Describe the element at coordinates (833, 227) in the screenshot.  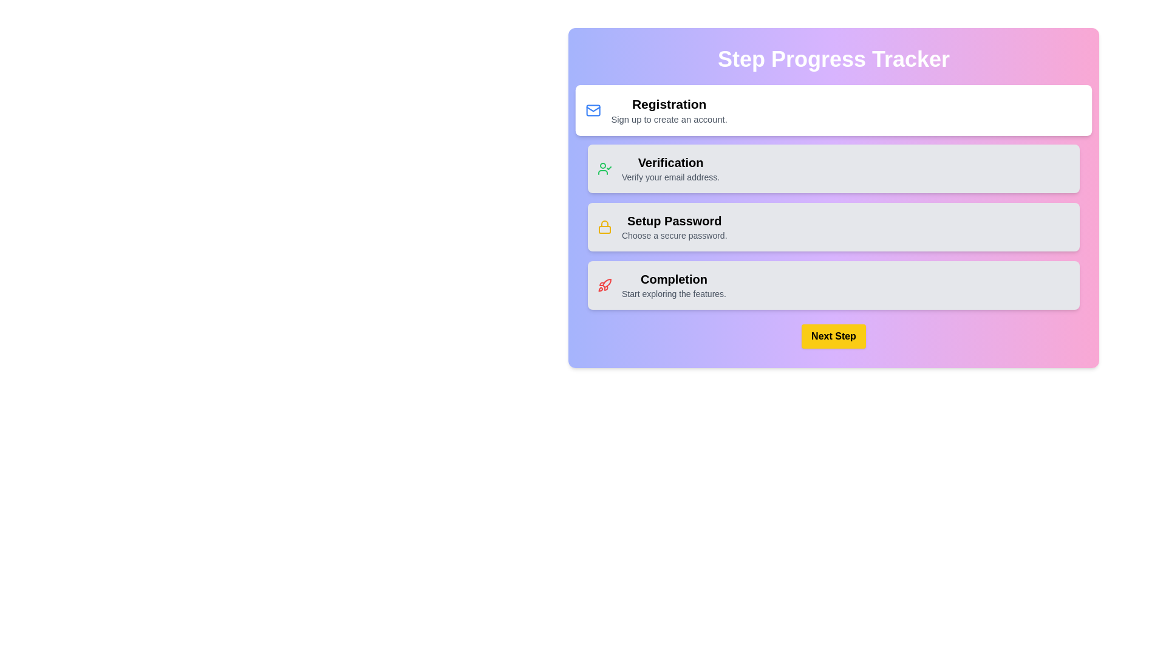
I see `the center of the 'Setup Password' informational card, which is the third item in the step progression interface` at that location.